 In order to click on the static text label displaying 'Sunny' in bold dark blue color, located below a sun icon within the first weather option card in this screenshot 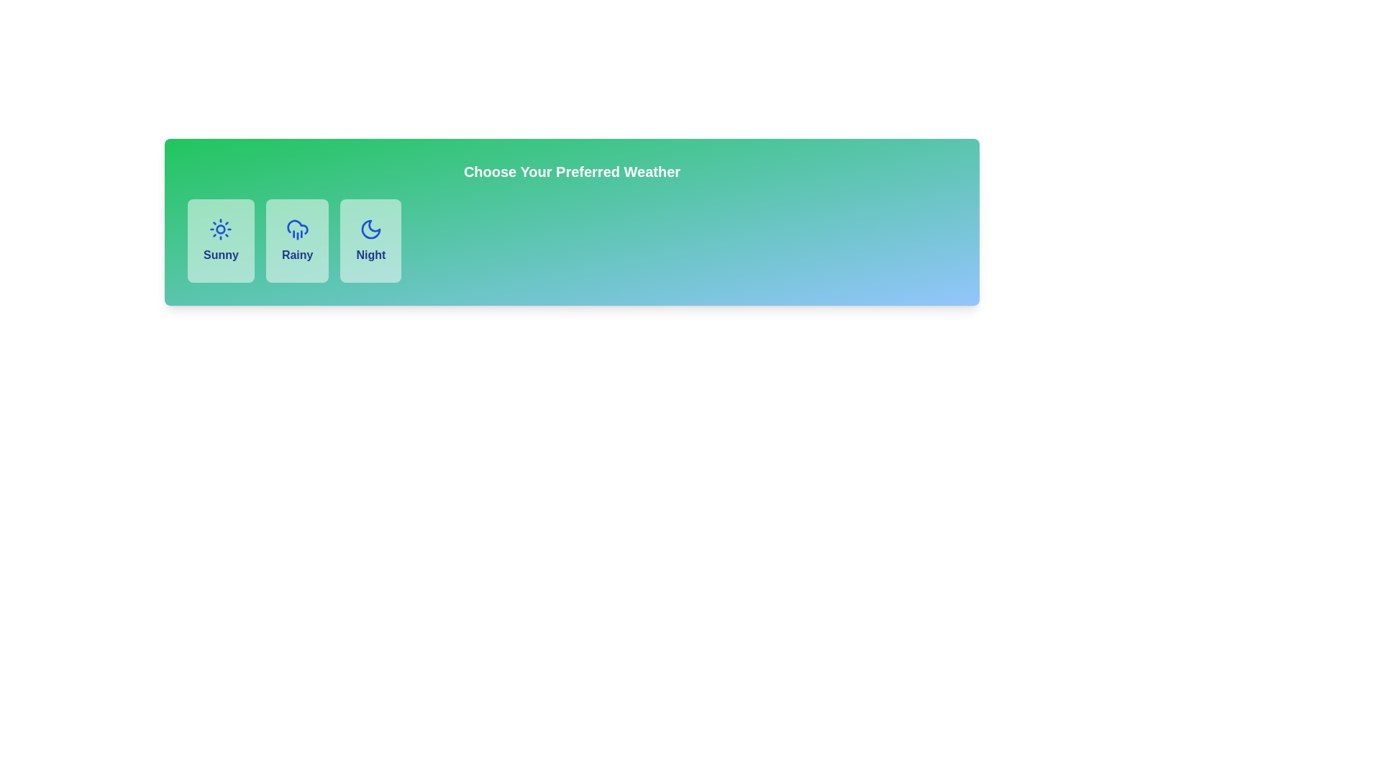, I will do `click(220, 254)`.